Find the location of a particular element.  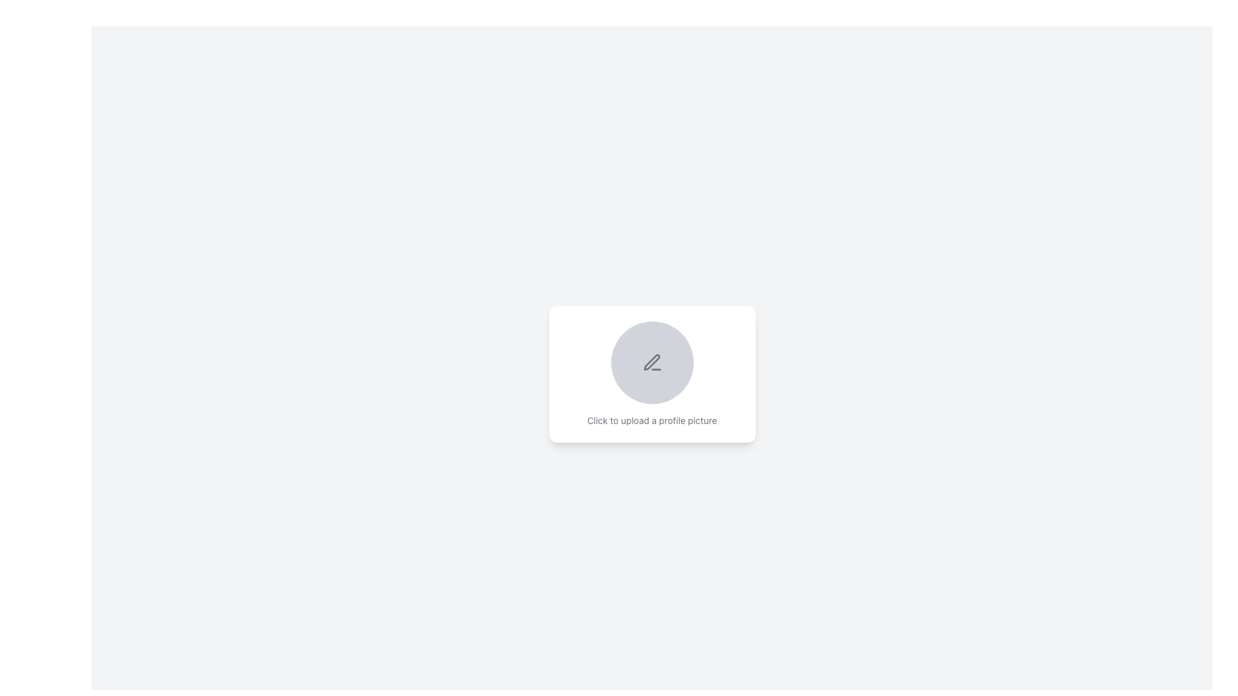

the clickable circular area with an icon to upload a profile picture, located above the text 'Click to upload a profile picture' is located at coordinates (652, 363).